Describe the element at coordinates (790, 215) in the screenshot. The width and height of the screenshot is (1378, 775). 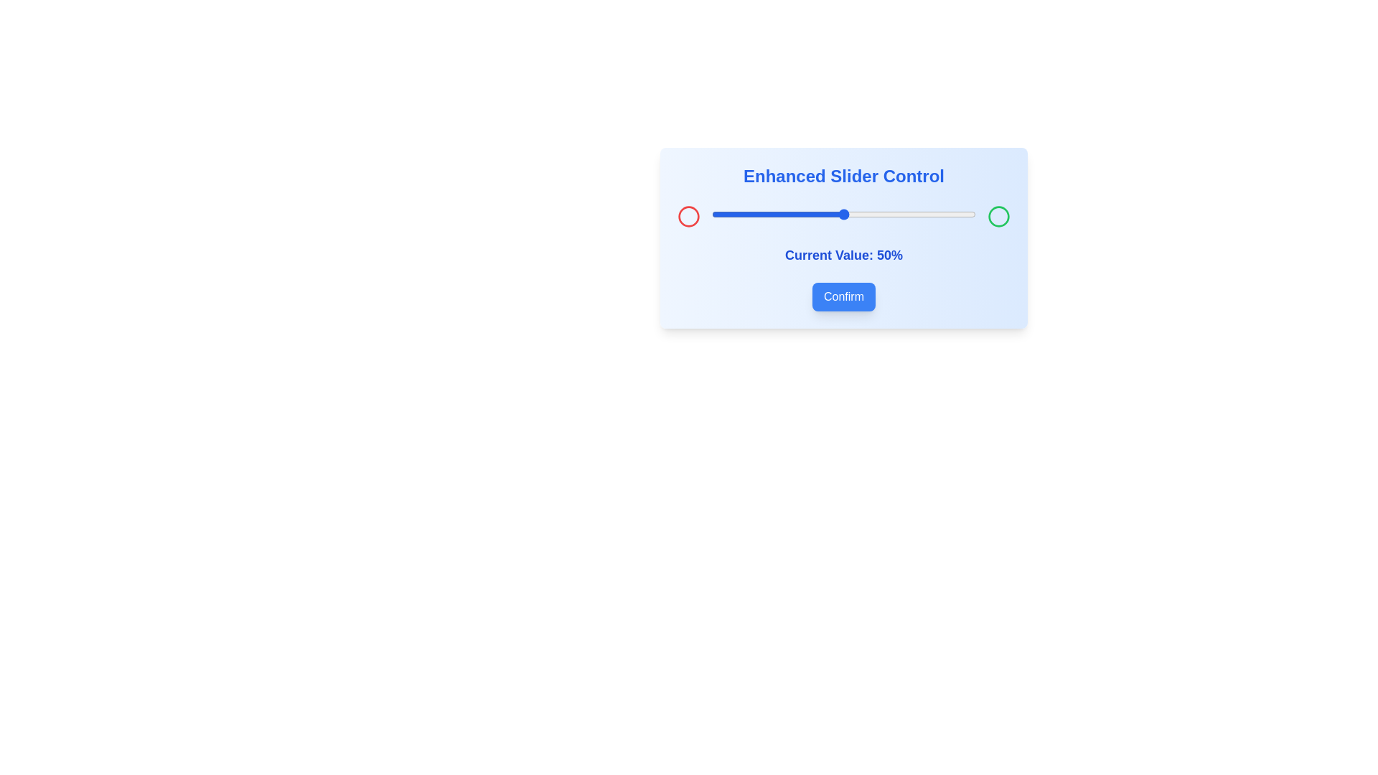
I see `the slider` at that location.